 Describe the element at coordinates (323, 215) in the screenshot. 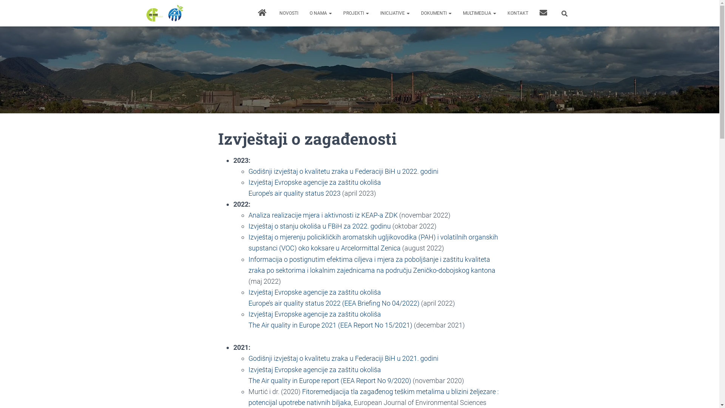

I see `'Analiza realizacije mjera i aktivnosti iz KEAP-a ZDK'` at that location.